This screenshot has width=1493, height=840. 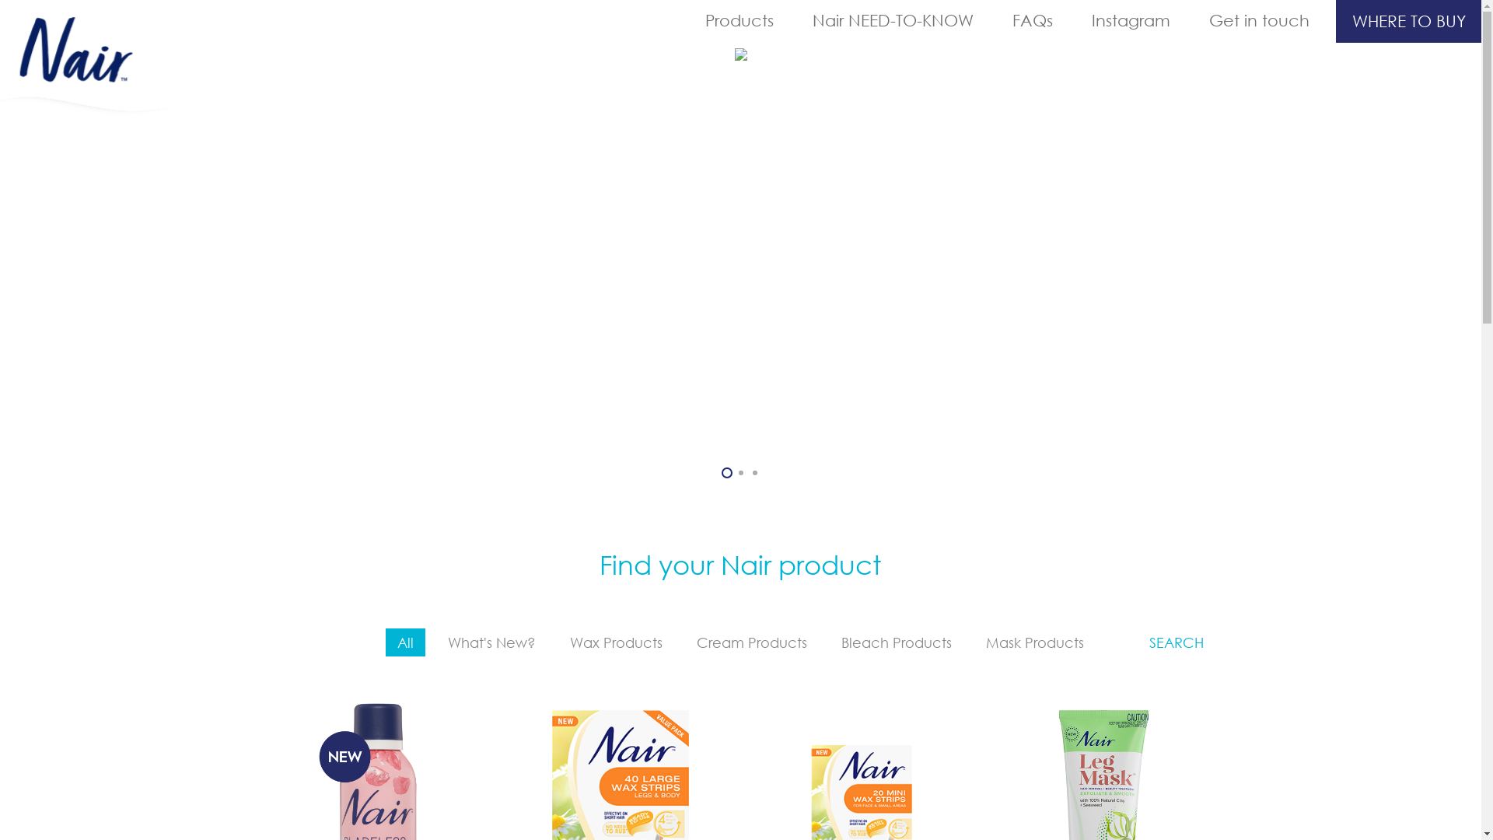 What do you see at coordinates (558, 642) in the screenshot?
I see `'Wax Products'` at bounding box center [558, 642].